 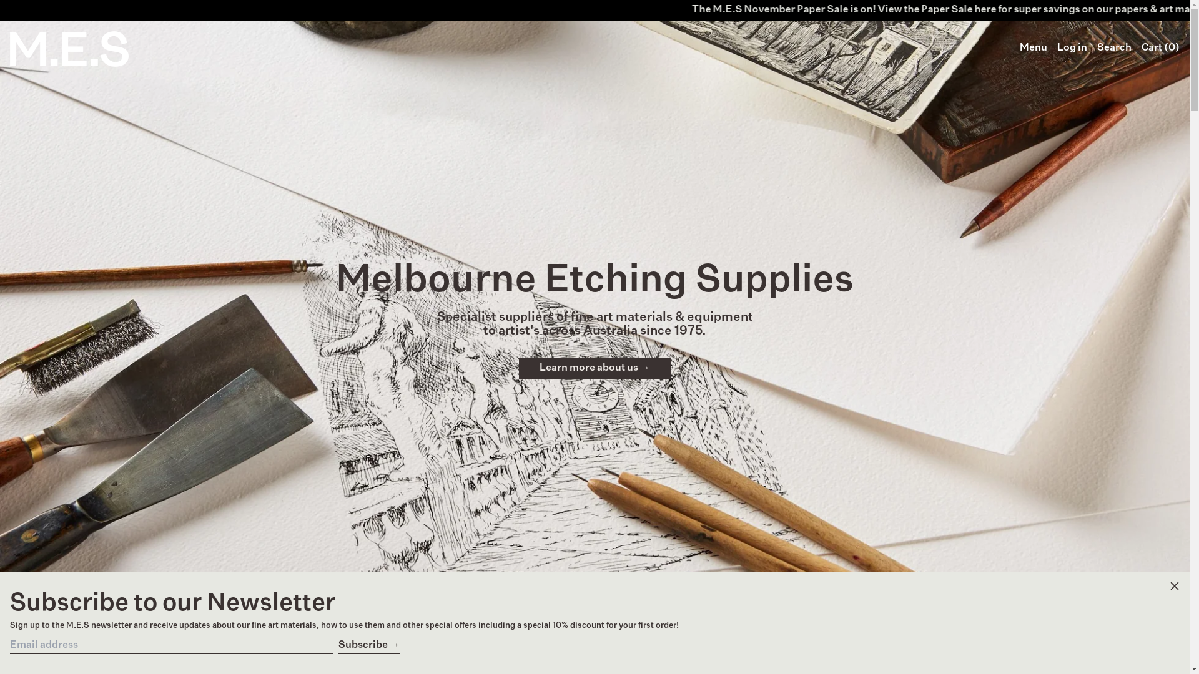 I want to click on 'Search', so click(x=1114, y=47).